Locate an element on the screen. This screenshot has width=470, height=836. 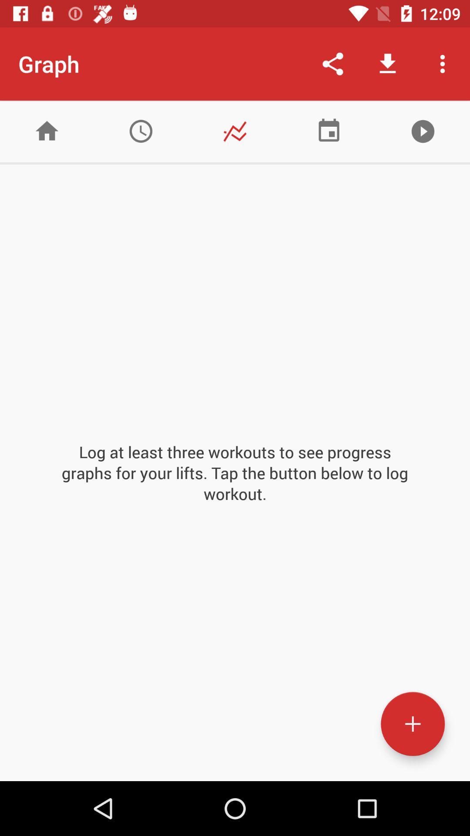
he house for home is located at coordinates (47, 131).